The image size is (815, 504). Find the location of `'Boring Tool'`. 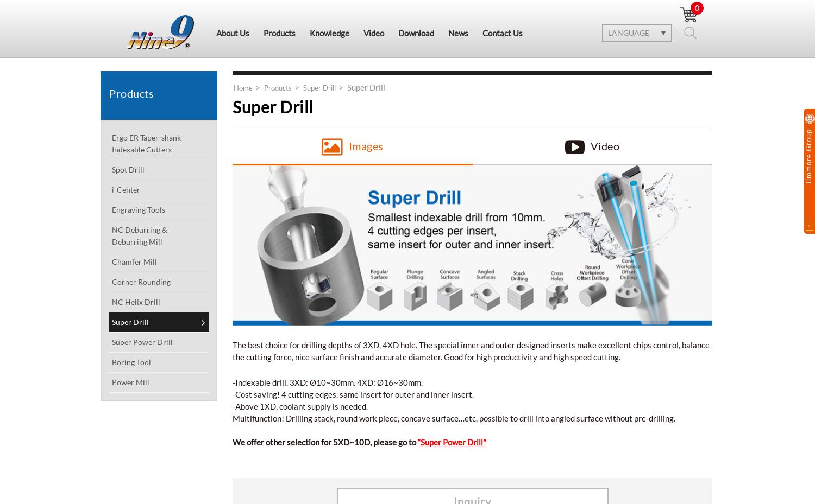

'Boring Tool' is located at coordinates (130, 362).